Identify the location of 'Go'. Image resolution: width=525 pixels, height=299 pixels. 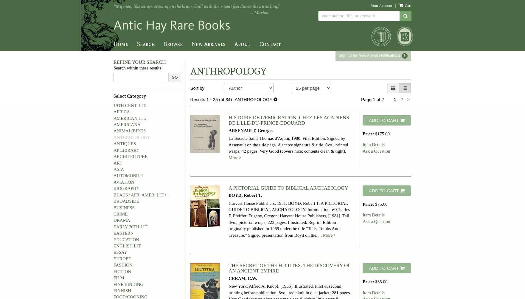
(171, 77).